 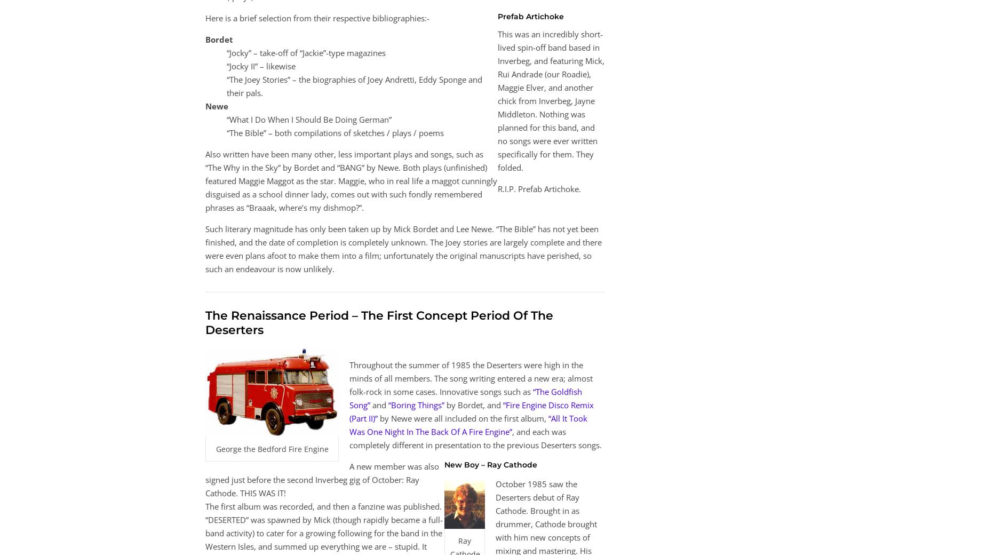 I want to click on '“The Bible” – both compilations of sketches / plays / poems', so click(x=335, y=132).